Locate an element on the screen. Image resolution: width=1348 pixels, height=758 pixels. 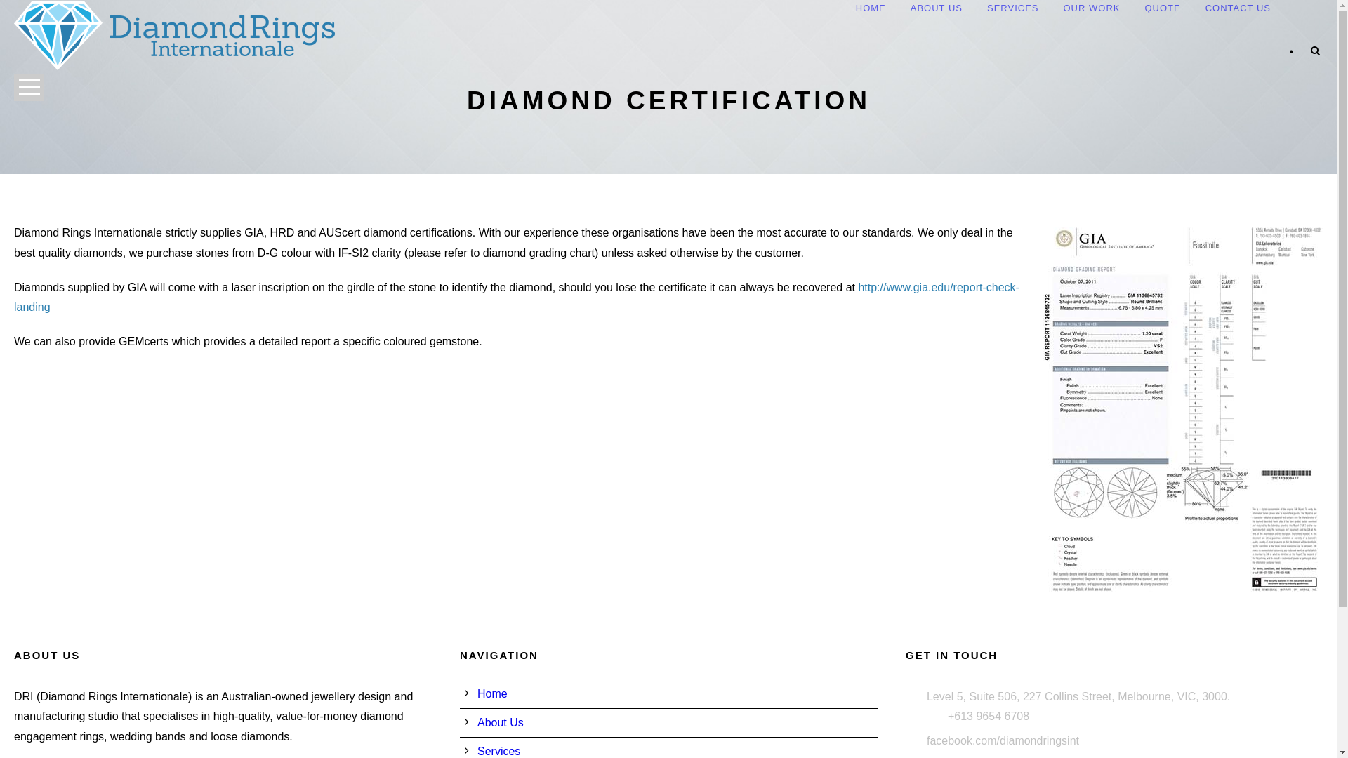
'ABOUT US' is located at coordinates (910, 9).